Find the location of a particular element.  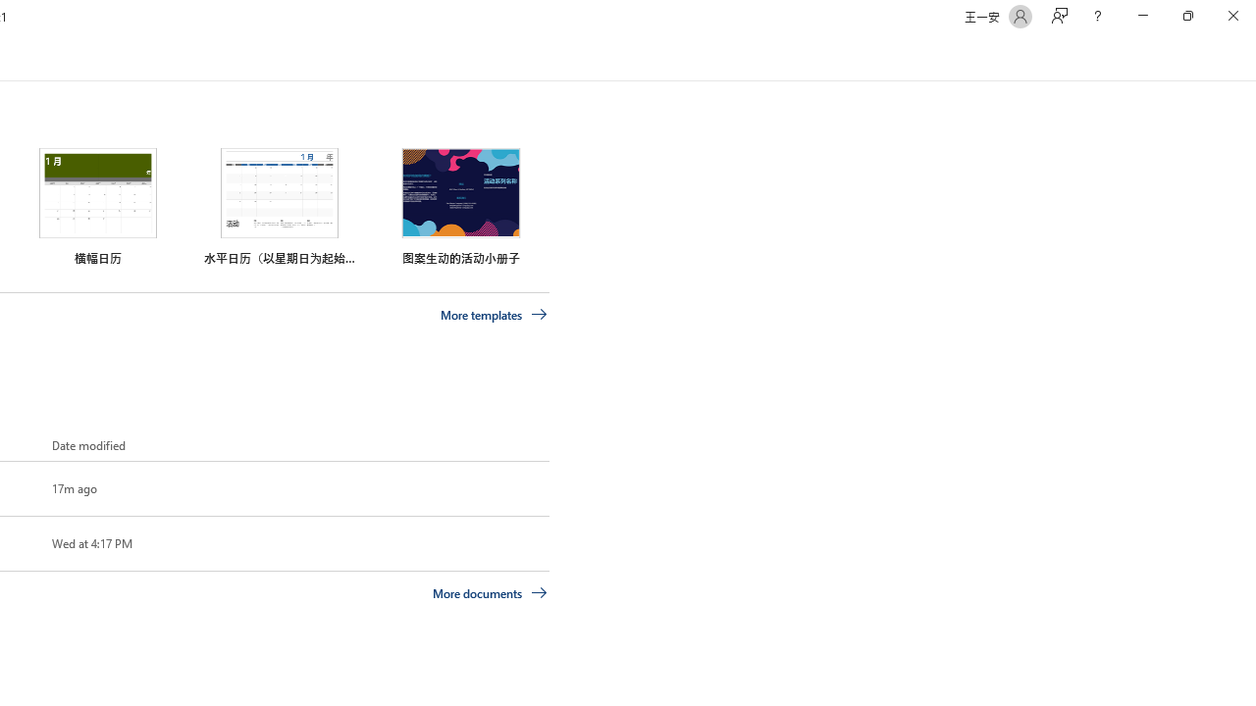

'More documents' is located at coordinates (490, 591).